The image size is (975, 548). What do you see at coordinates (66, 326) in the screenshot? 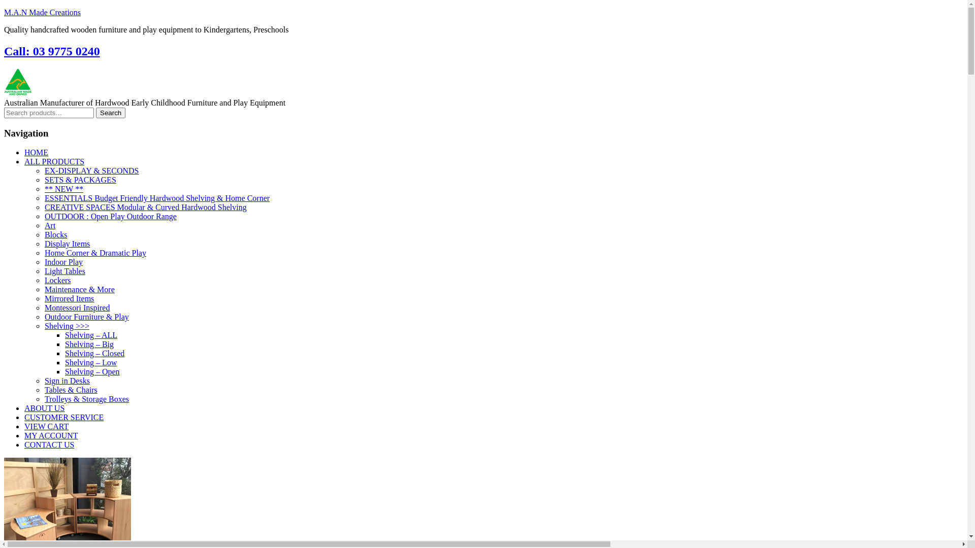
I see `'Shelving >>>'` at bounding box center [66, 326].